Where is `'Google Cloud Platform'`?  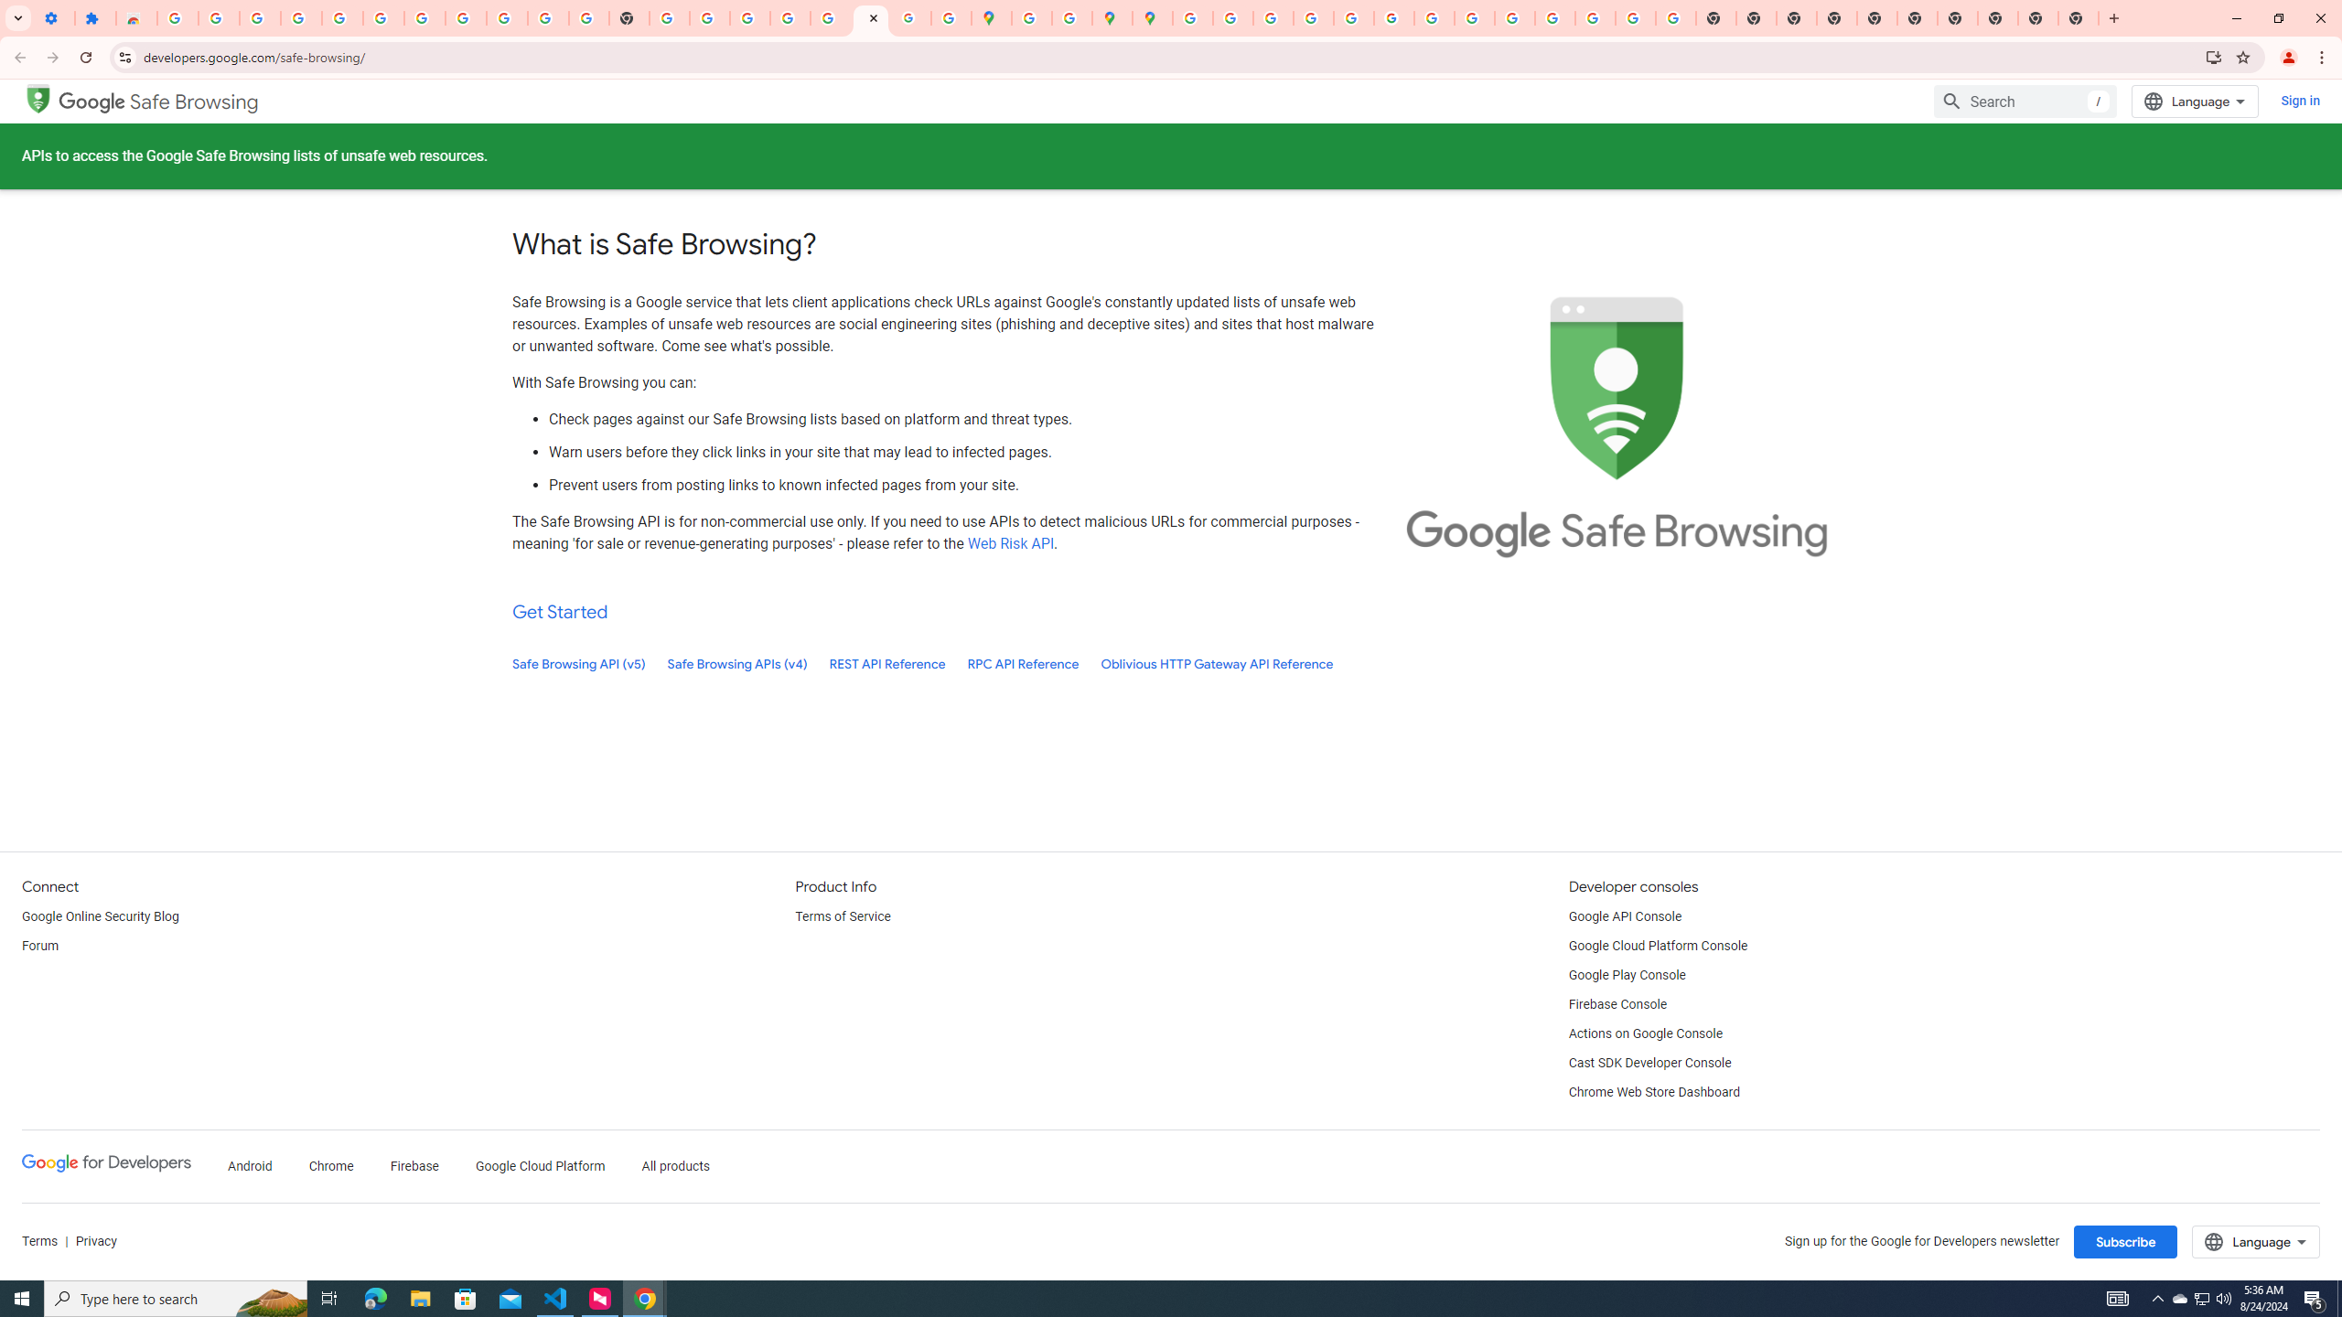 'Google Cloud Platform' is located at coordinates (541, 1166).